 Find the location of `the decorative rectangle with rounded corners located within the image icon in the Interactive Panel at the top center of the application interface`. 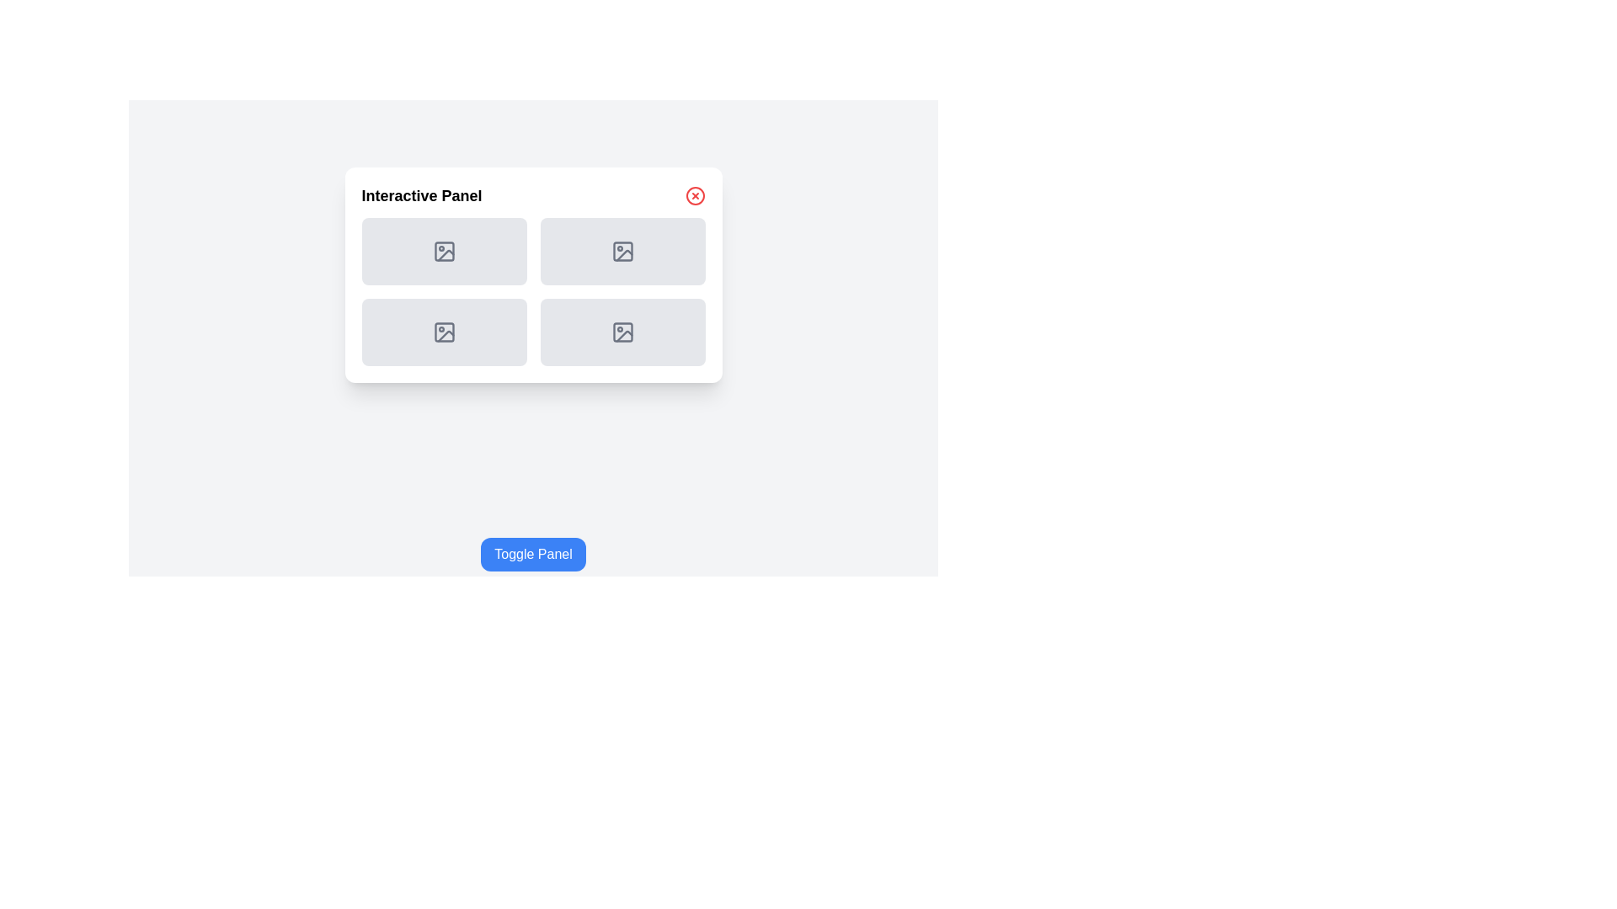

the decorative rectangle with rounded corners located within the image icon in the Interactive Panel at the top center of the application interface is located at coordinates (444, 252).